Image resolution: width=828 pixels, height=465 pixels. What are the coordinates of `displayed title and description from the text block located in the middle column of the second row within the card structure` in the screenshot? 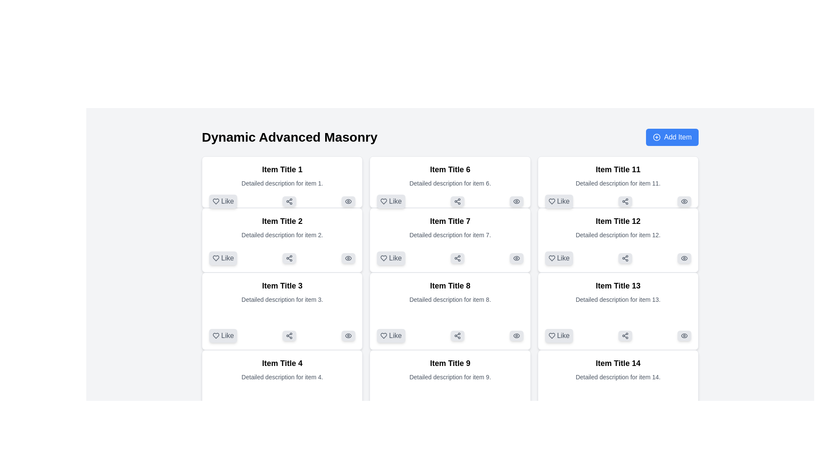 It's located at (449, 229).